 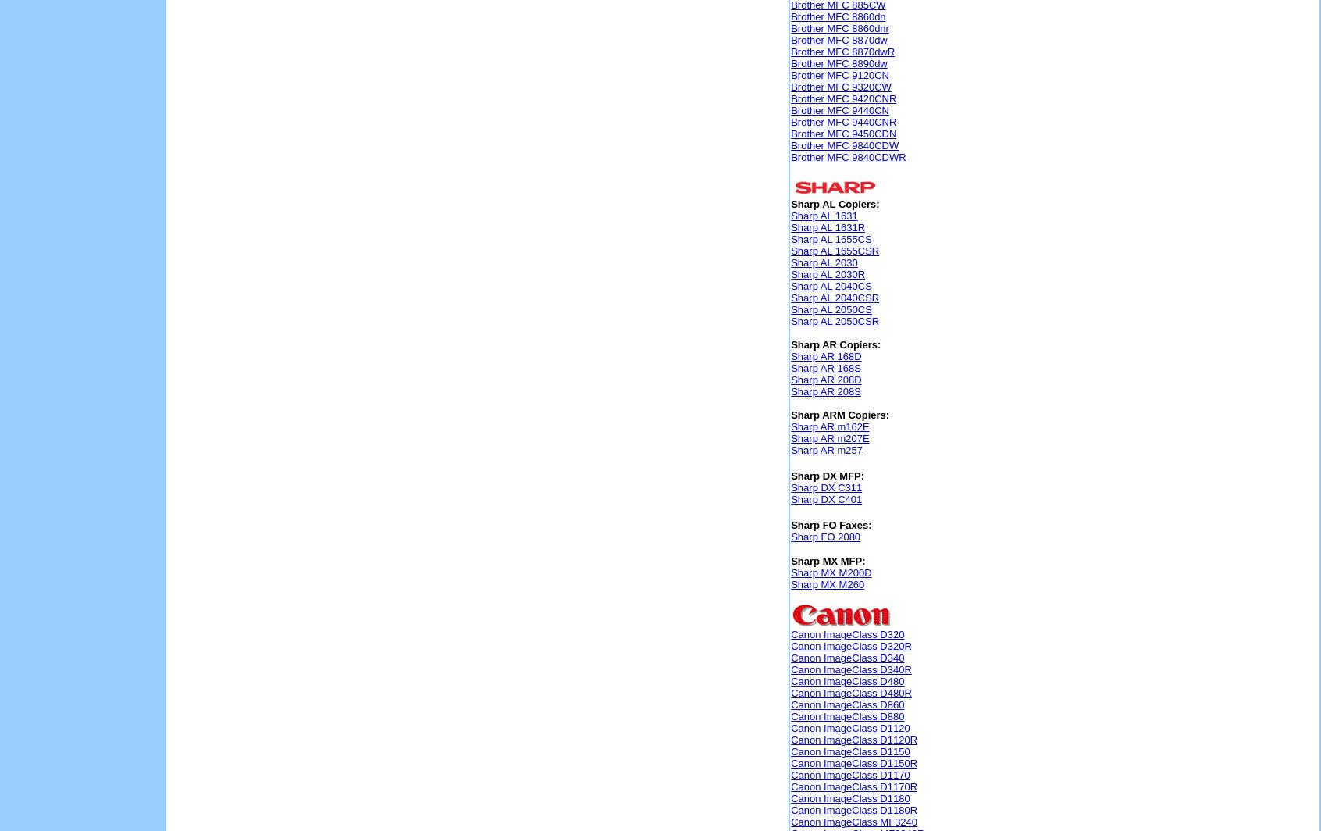 I want to click on 'Sharp AR Copiers:', so click(x=835, y=344).